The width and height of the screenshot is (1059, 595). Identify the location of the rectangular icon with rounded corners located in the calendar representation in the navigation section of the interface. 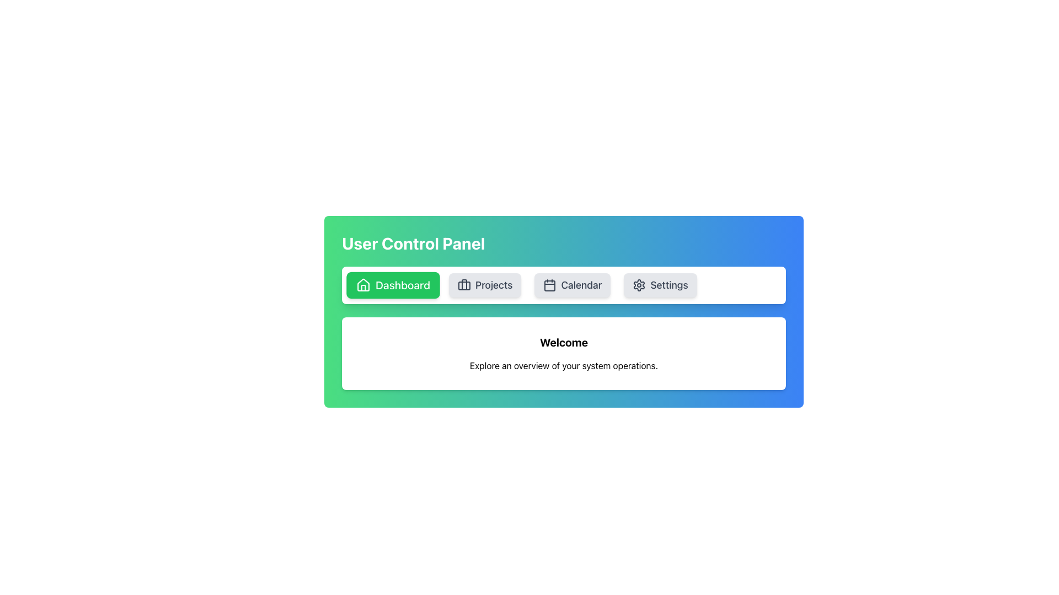
(550, 285).